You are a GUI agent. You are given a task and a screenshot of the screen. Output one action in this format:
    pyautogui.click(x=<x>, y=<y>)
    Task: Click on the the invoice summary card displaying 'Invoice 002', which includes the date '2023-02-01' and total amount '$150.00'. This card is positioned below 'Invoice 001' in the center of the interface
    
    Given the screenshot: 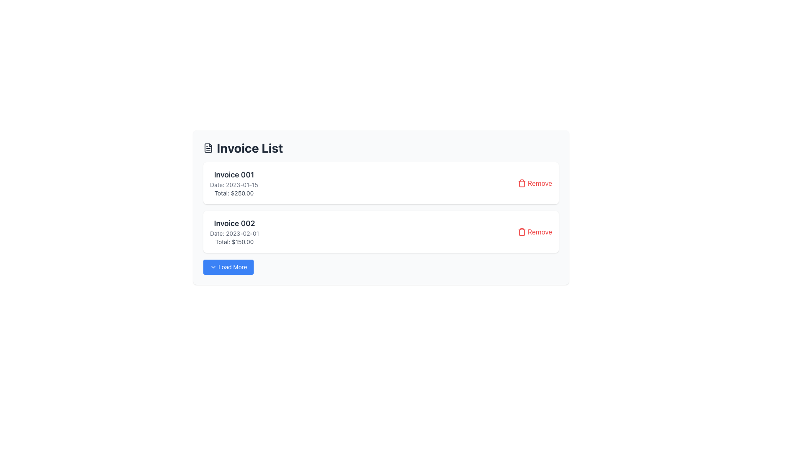 What is the action you would take?
    pyautogui.click(x=234, y=232)
    